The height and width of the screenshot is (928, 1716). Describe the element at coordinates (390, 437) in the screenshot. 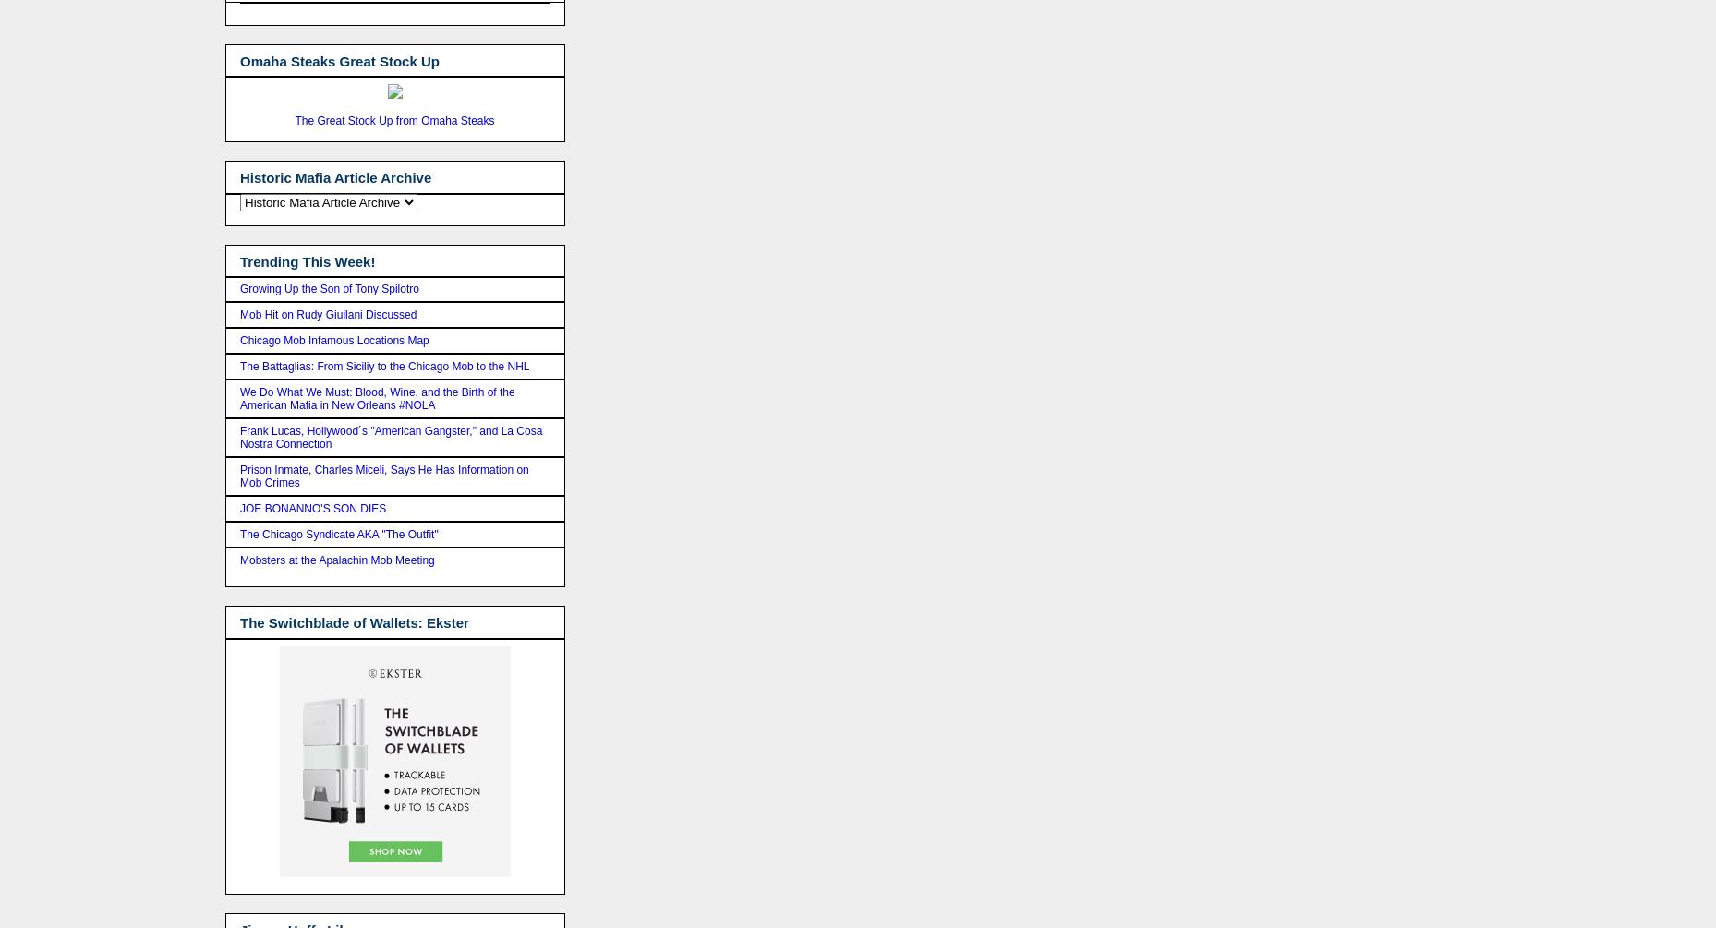

I see `'Frank Lucas, Hollywood´s "American Gangster," and La Cosa Nostra Connection'` at that location.